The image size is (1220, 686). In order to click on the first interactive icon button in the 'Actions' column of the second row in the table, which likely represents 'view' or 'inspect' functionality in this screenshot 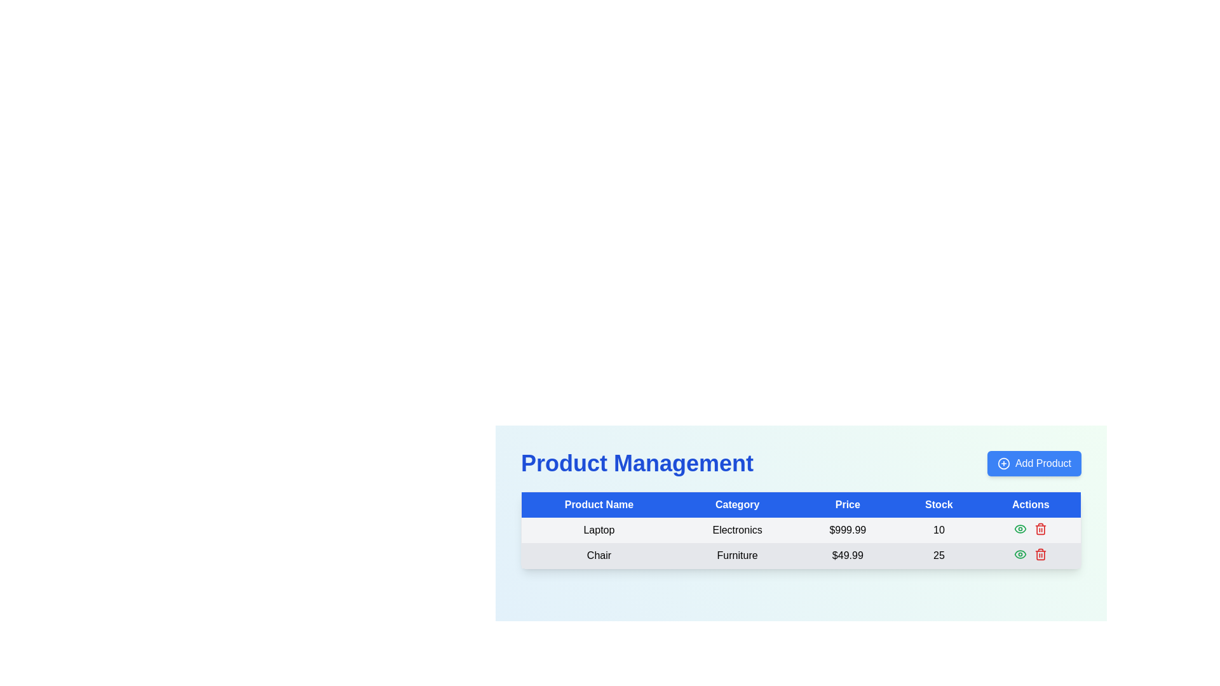, I will do `click(1020, 553)`.